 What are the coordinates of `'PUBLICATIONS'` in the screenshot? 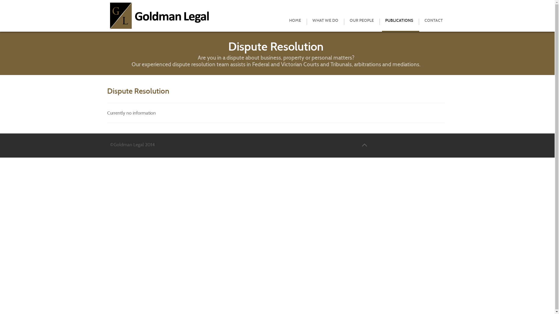 It's located at (398, 20).